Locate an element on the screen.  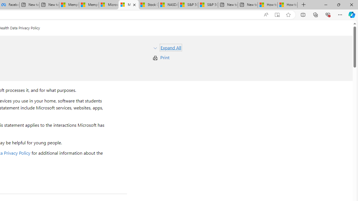
'Add this page to favorites (Ctrl+D)' is located at coordinates (288, 15).